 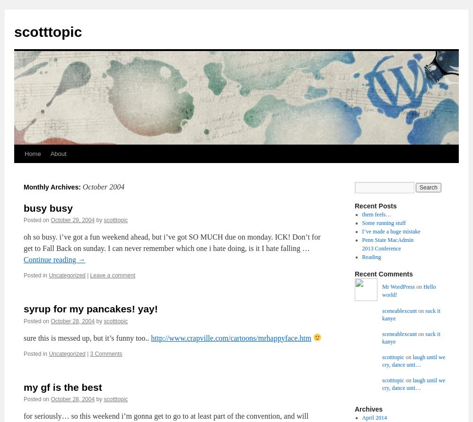 I want to click on 'oh so busy. i’ve got a fun weekend ahead, but i’ve got SO MUCH due on monday. ICK! Don’t for get to Fall Back on sunday. I can never remember which one i hate doing, is it I hate falling …', so click(x=171, y=242).